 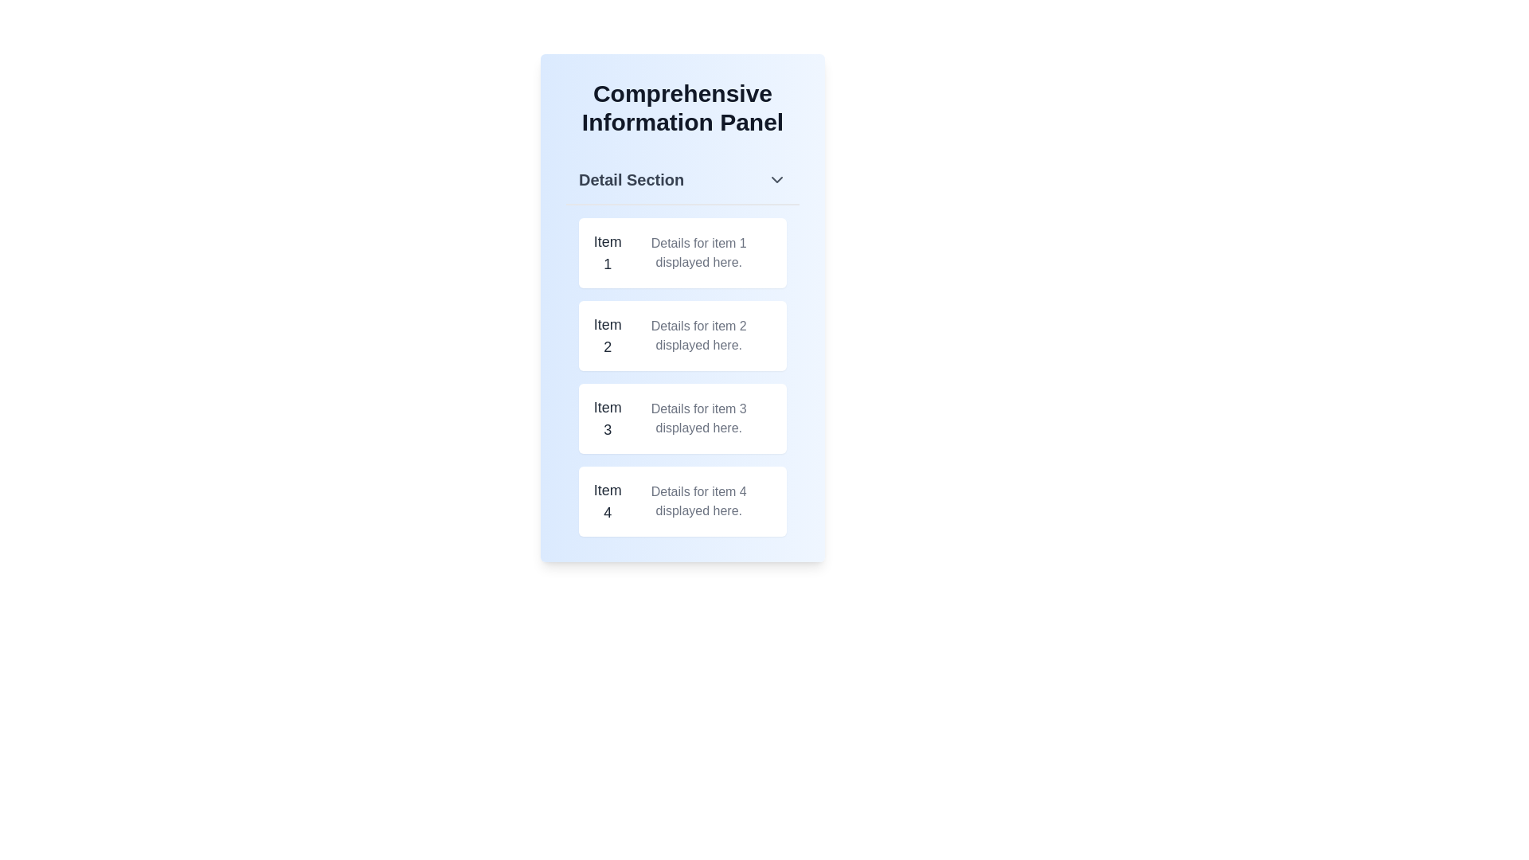 I want to click on the chevron down icon located at the far-right of the 'Detail Section' header, so click(x=776, y=179).